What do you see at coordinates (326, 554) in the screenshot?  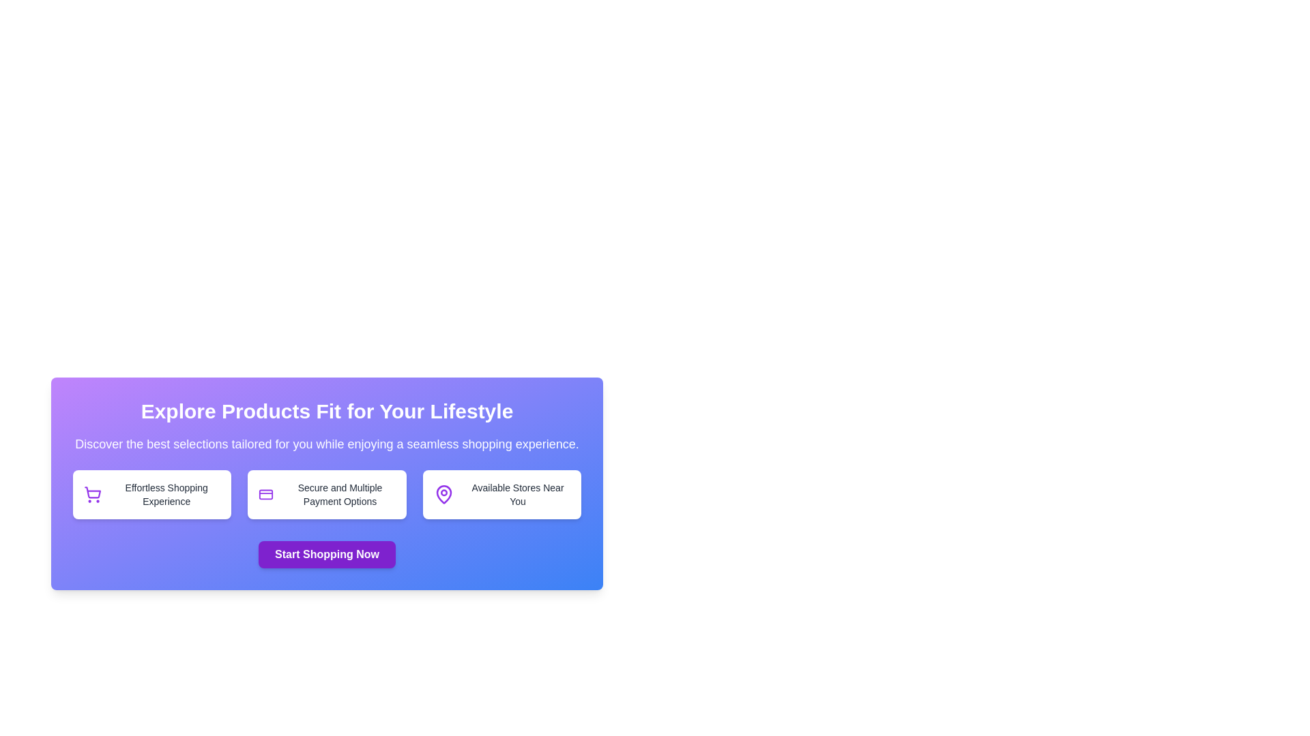 I see `the button located at the bottom of the card labeled 'Explore Products Fit for Your Lifestyle'` at bounding box center [326, 554].